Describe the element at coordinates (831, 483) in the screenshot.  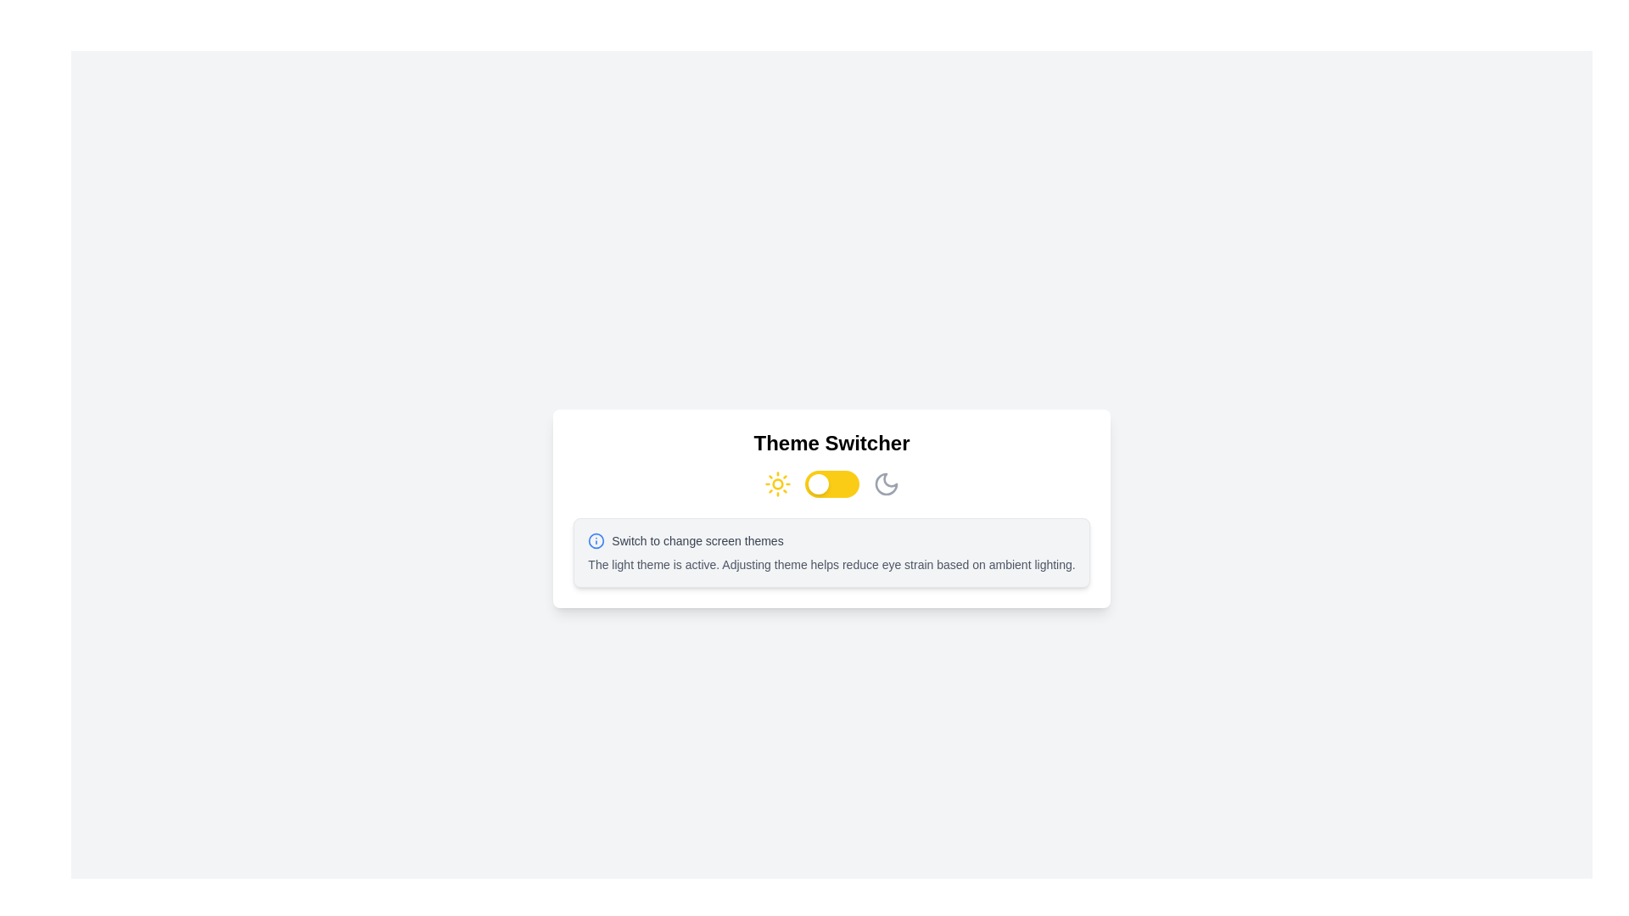
I see `the toggle switch located in the center of the 'Theme Switcher' card interface` at that location.